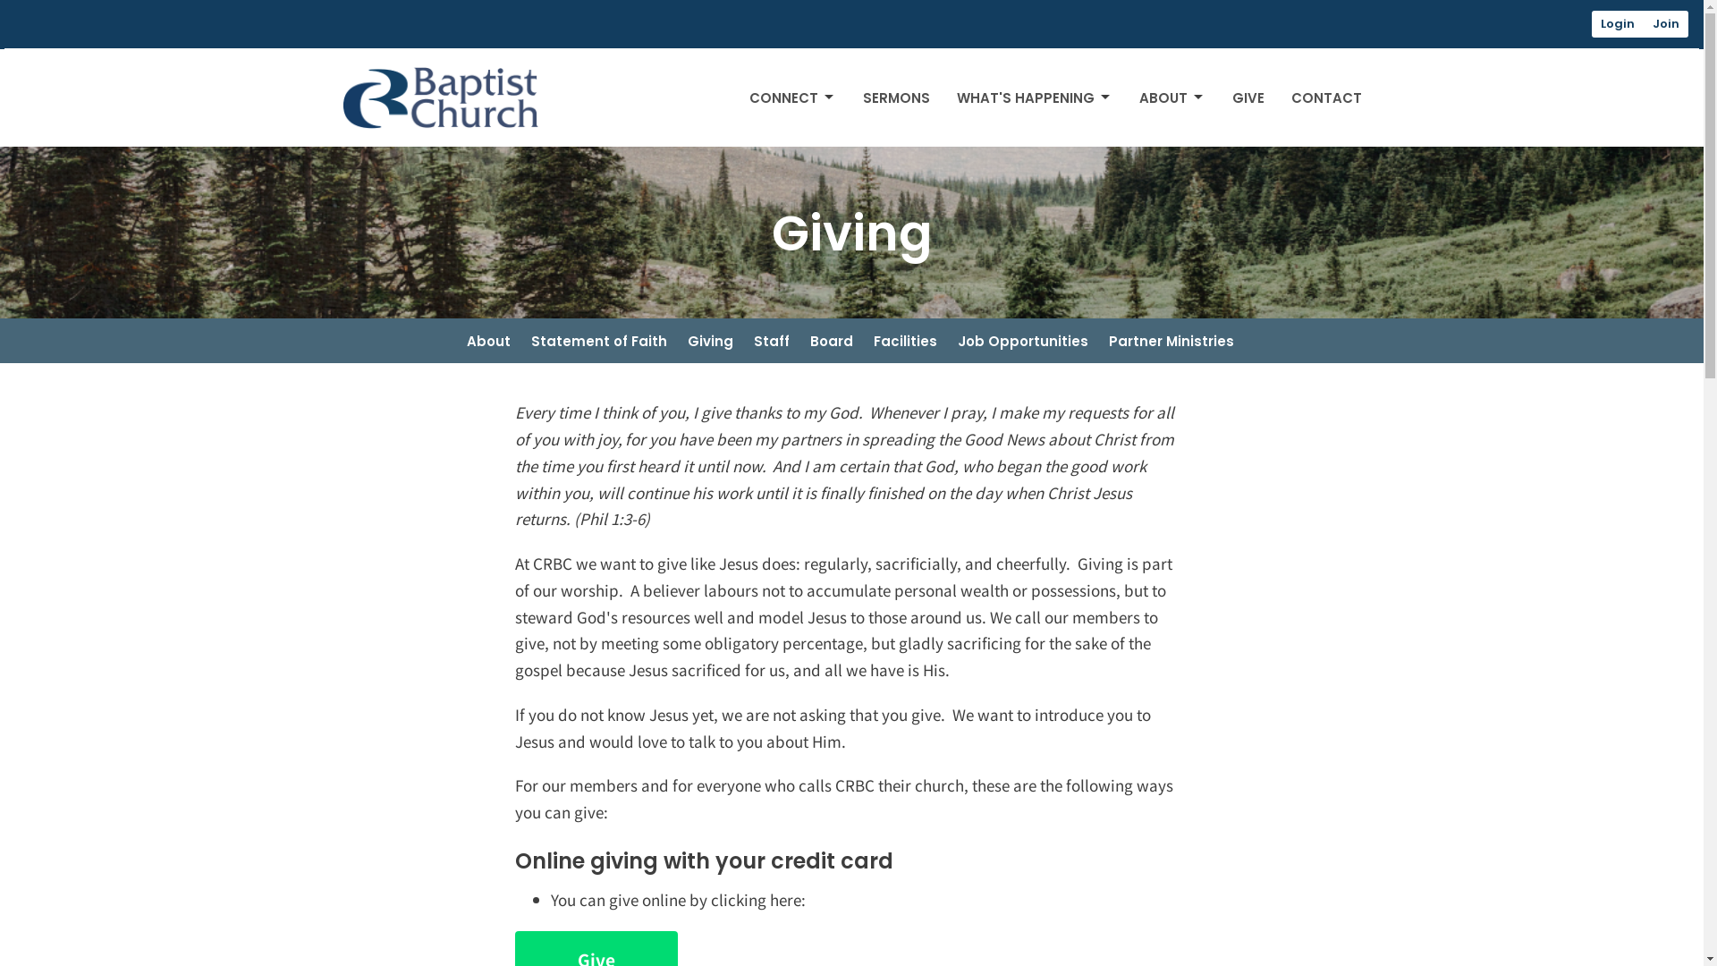 The image size is (1717, 966). I want to click on 'ABOUT', so click(1171, 97).